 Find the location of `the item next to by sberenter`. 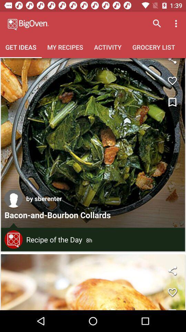

the item next to by sberenter is located at coordinates (13, 199).